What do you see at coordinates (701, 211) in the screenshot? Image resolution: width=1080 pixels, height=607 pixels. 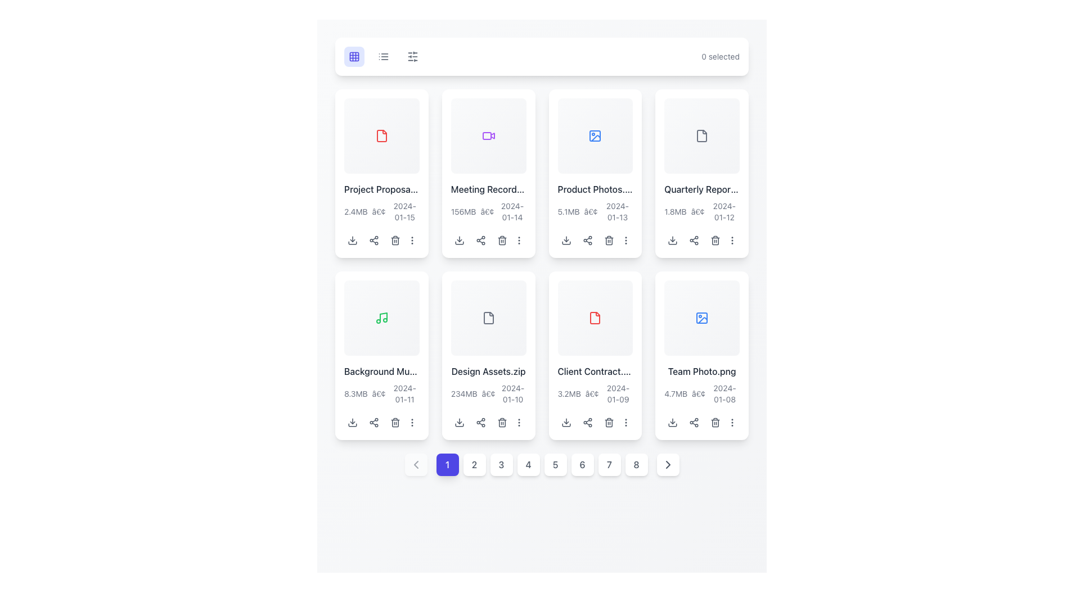 I see `the text label that displays the file size and date associated with 'Quarterly Report.xlsx', located at the bottom of the card` at bounding box center [701, 211].